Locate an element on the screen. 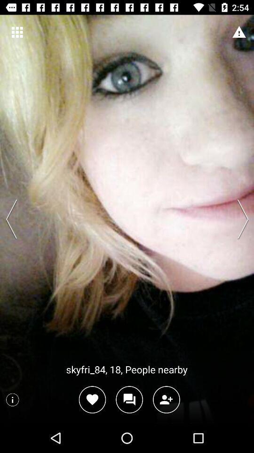  more information is located at coordinates (12, 399).